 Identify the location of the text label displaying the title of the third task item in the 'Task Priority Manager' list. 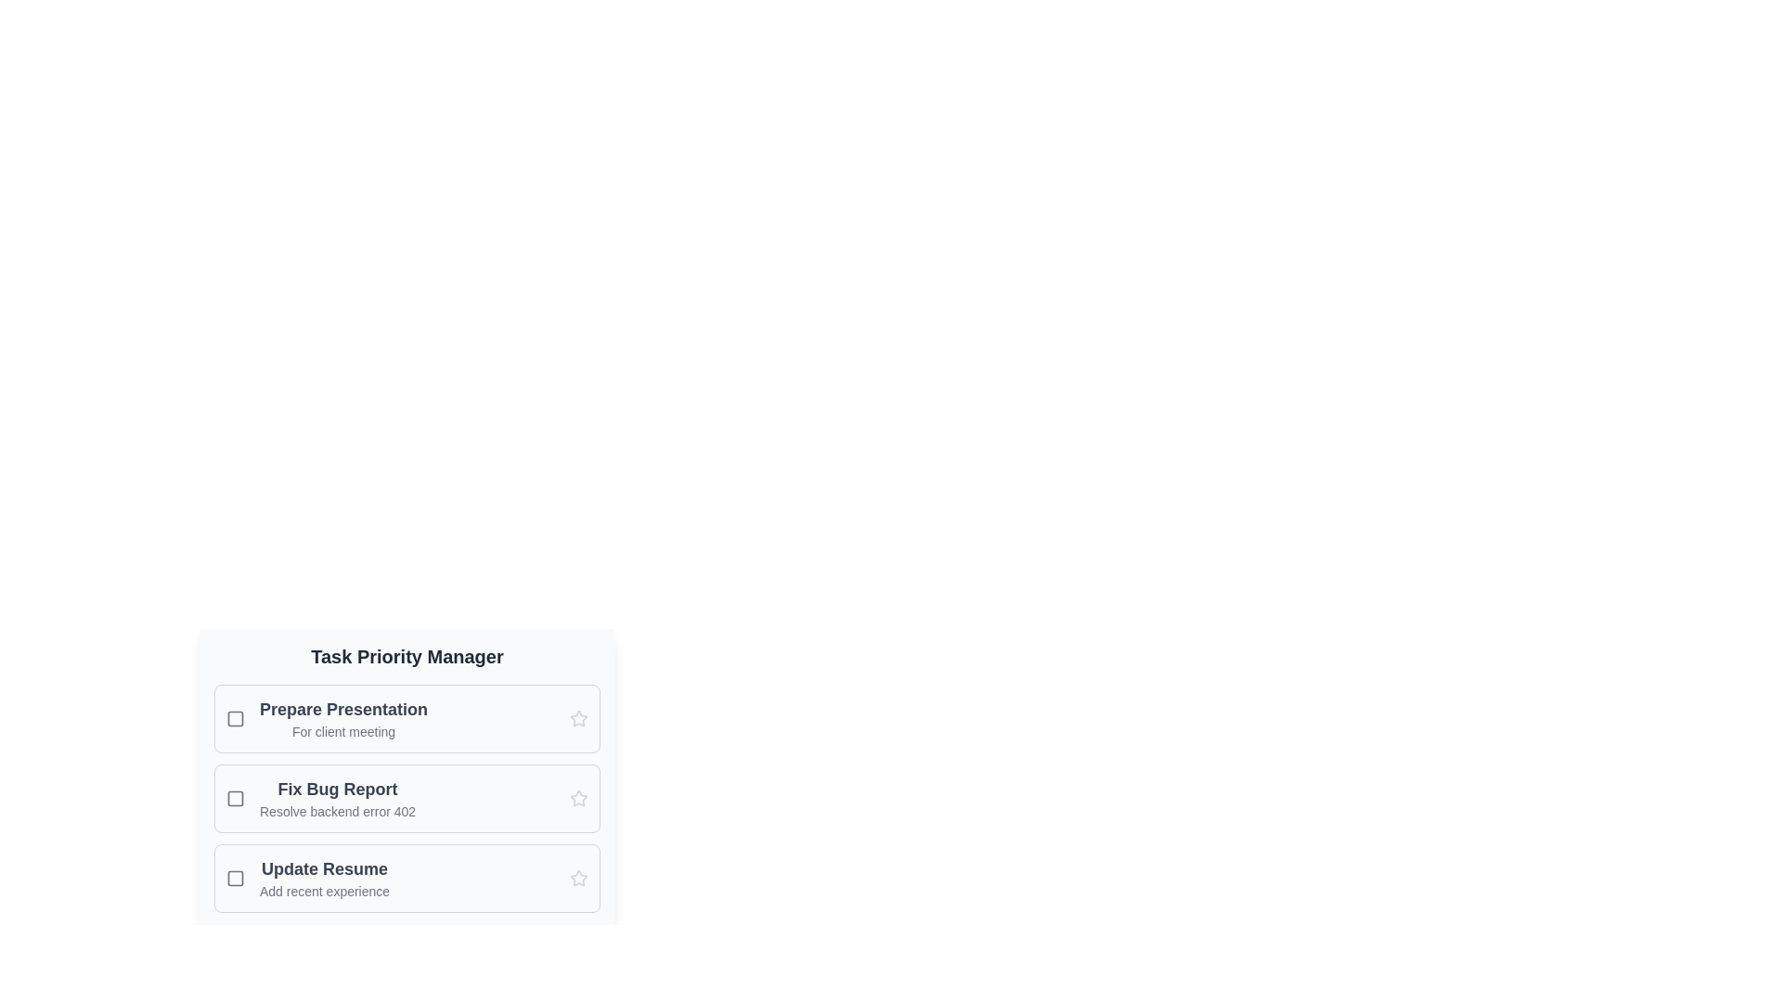
(325, 869).